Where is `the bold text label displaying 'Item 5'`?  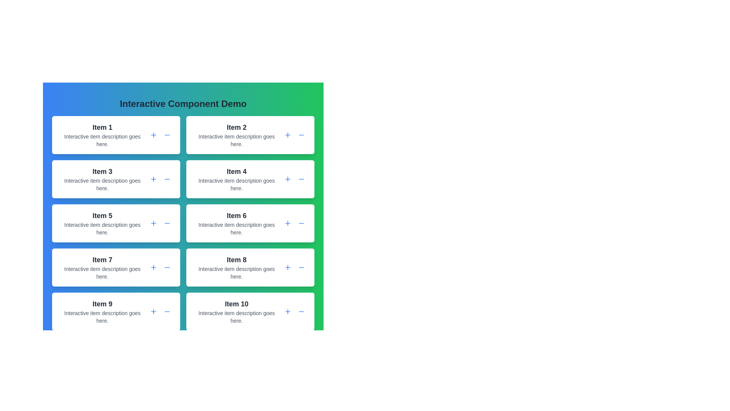
the bold text label displaying 'Item 5' is located at coordinates (102, 216).